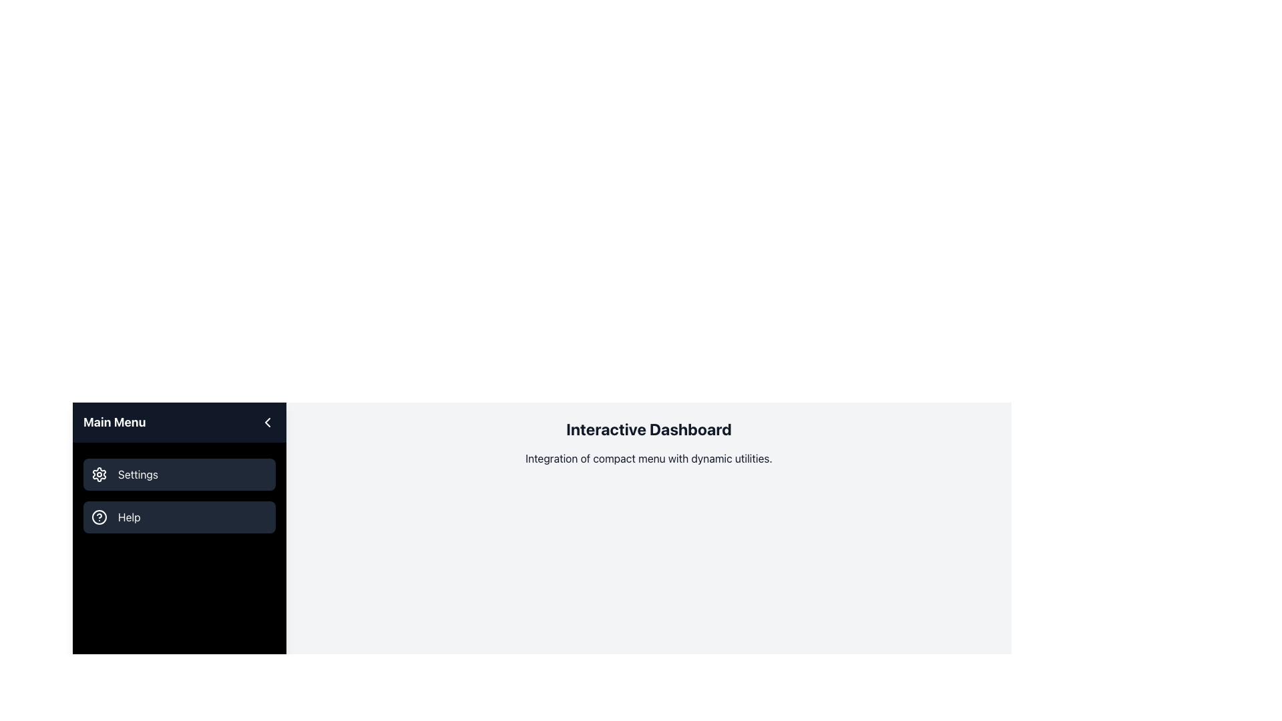  Describe the element at coordinates (648, 457) in the screenshot. I see `the plain text element reading 'Integration of compact menu with dynamic utilities.' which is positioned directly below the title 'Interactive Dashboard'` at that location.